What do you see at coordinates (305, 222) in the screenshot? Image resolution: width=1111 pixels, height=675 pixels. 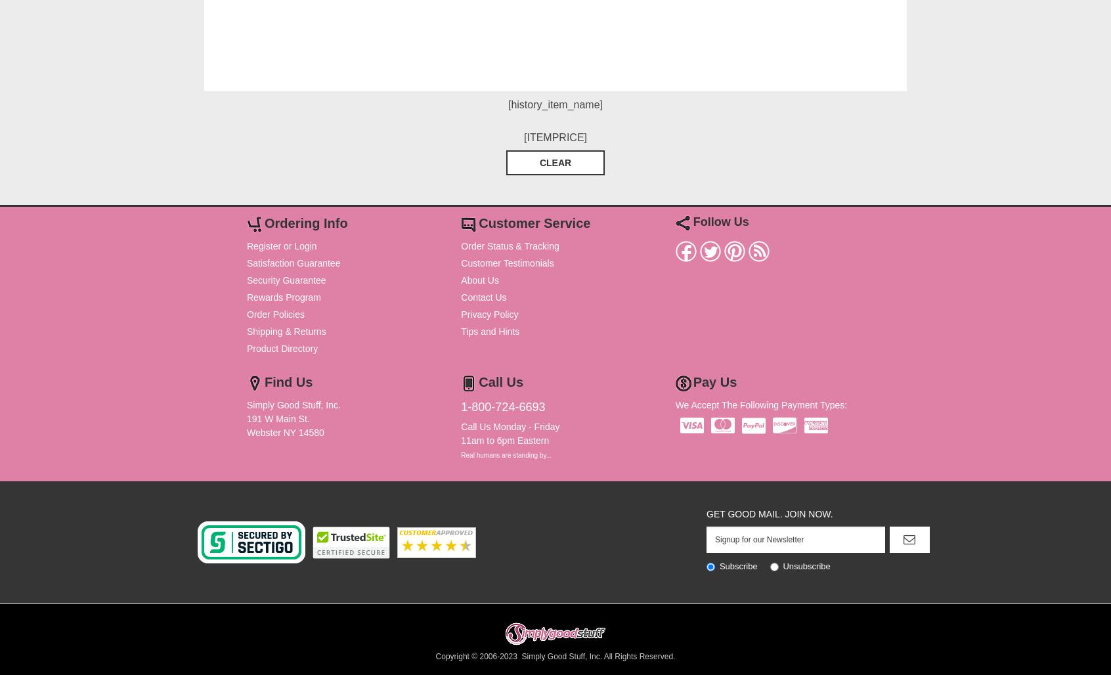 I see `'Ordering Info'` at bounding box center [305, 222].